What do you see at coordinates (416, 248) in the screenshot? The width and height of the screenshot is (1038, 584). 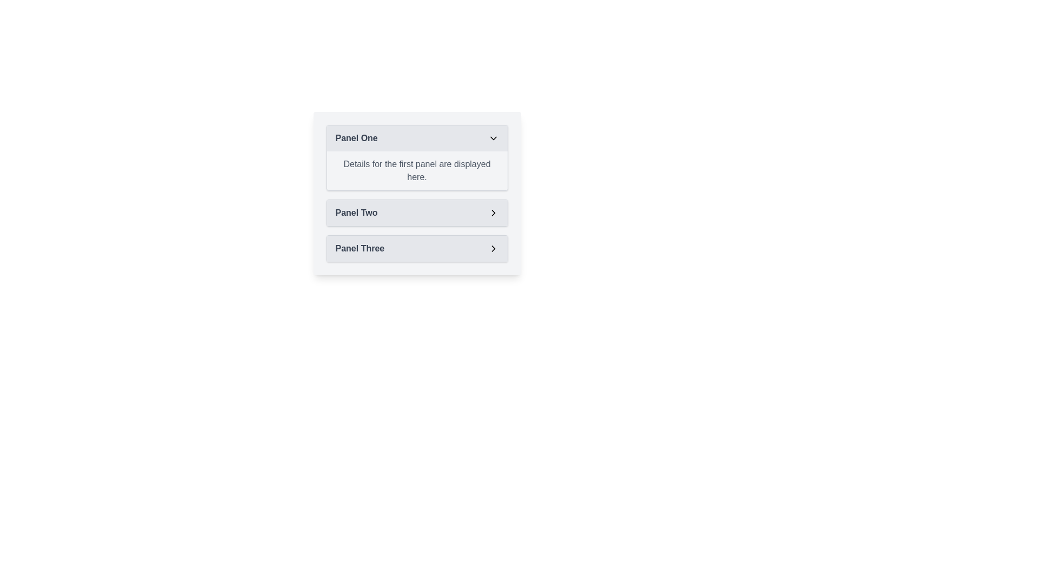 I see `the third button in the vertically stacked group of collapsible panel headers` at bounding box center [416, 248].